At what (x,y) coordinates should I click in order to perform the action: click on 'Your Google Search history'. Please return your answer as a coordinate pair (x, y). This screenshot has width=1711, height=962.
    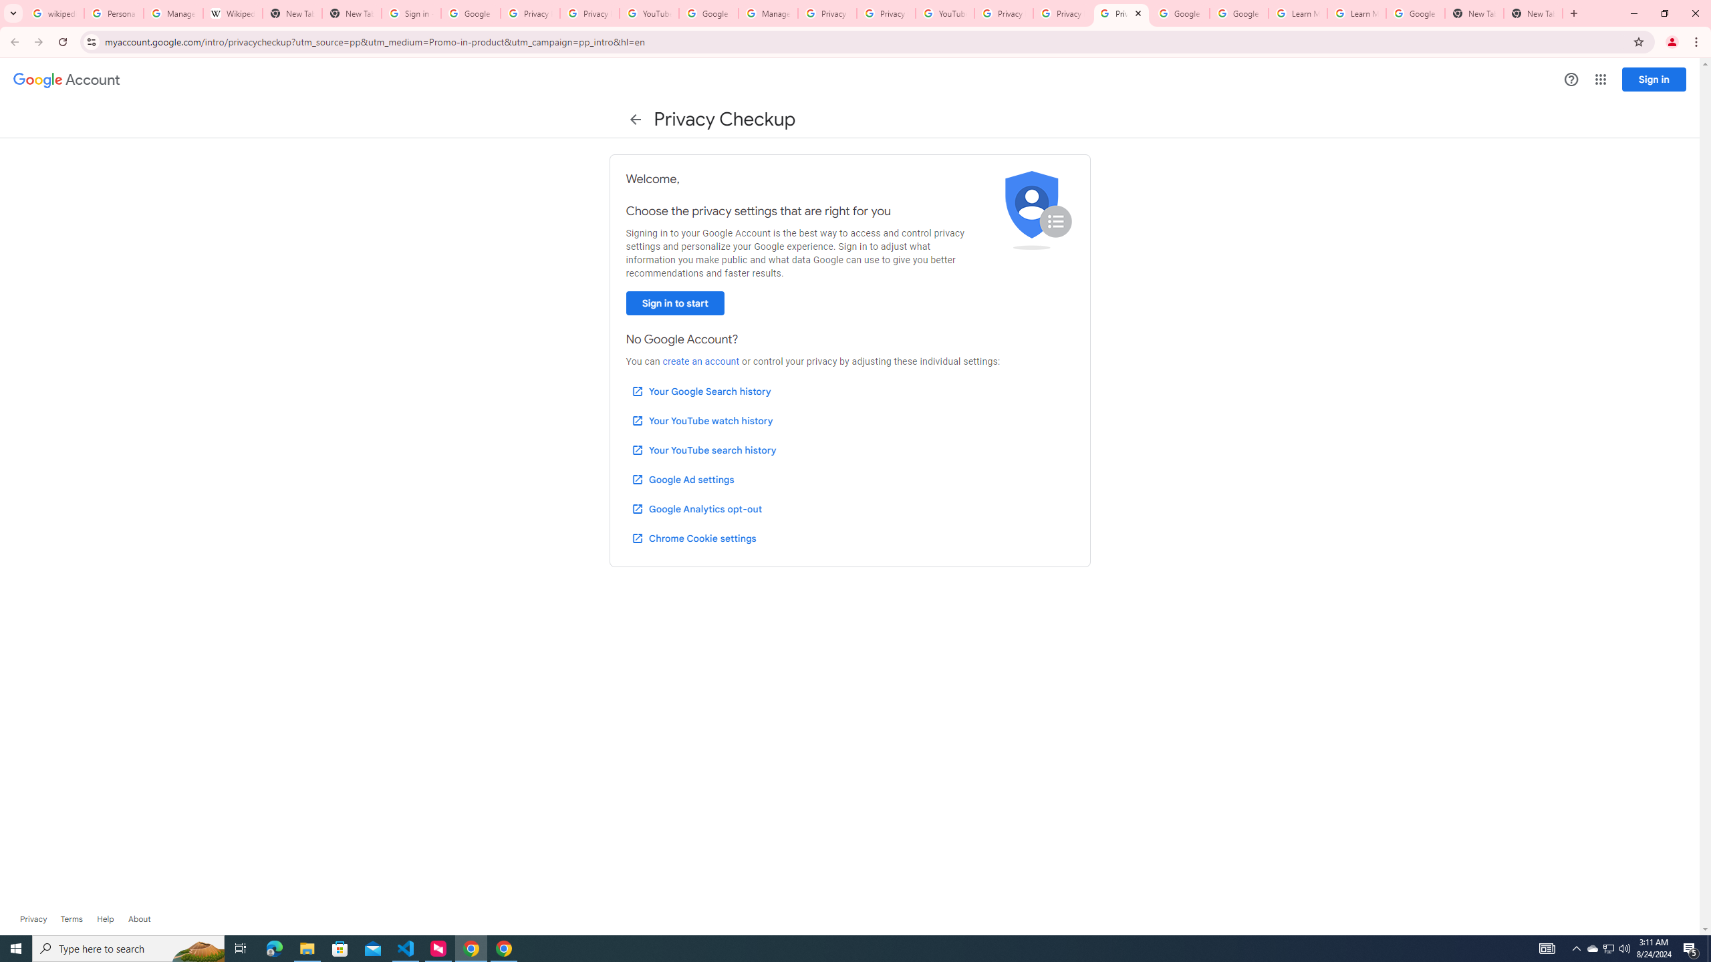
    Looking at the image, I should click on (700, 391).